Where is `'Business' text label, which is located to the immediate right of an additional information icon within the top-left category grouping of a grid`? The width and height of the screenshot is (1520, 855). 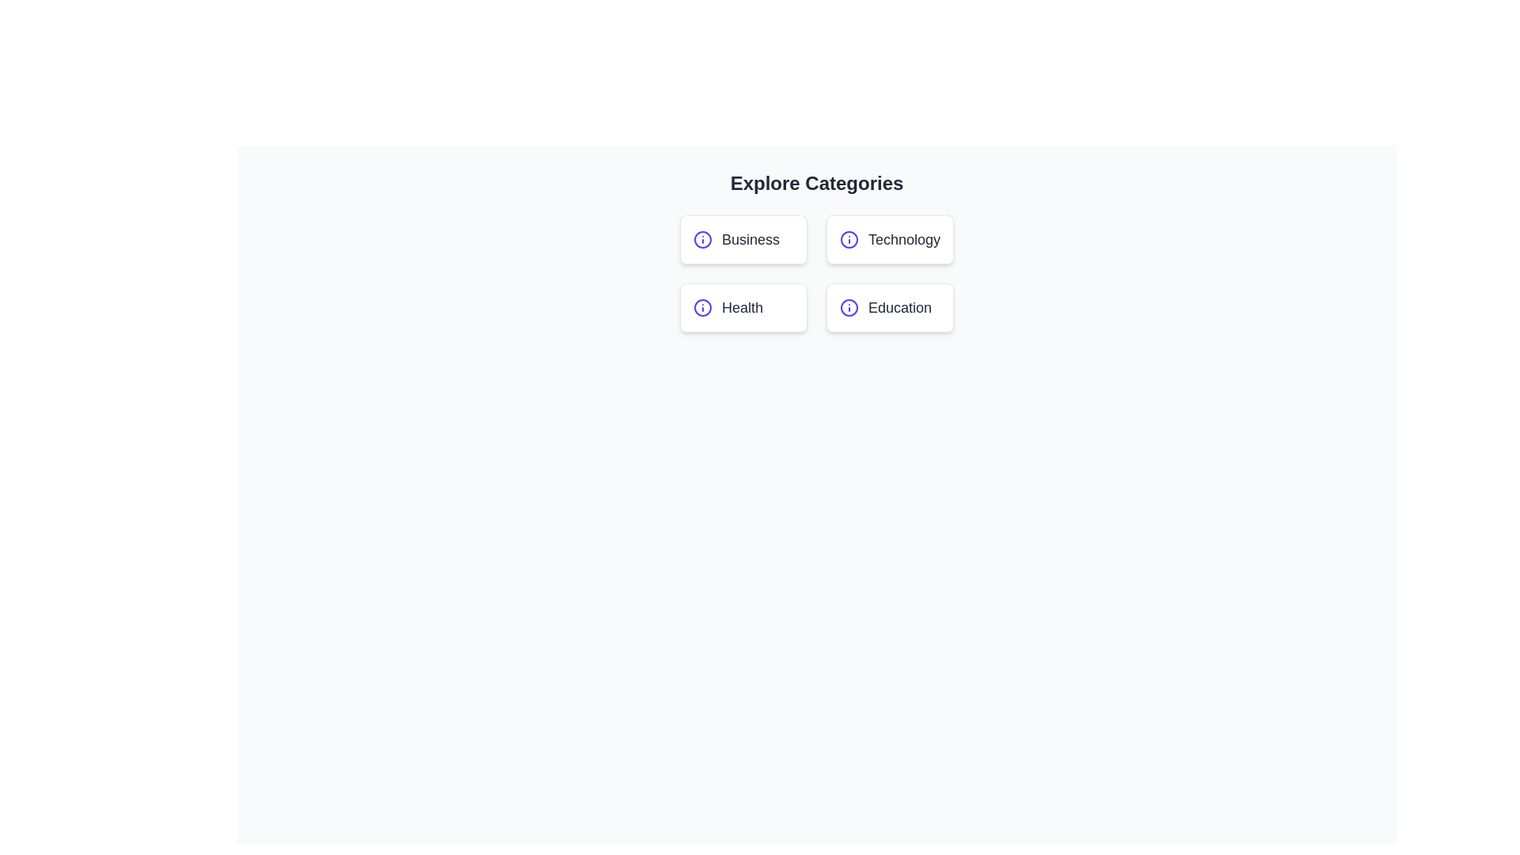
'Business' text label, which is located to the immediate right of an additional information icon within the top-left category grouping of a grid is located at coordinates (750, 240).